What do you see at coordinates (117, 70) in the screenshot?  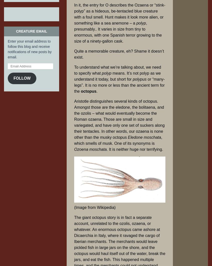 I see `'To understand what we’re talking about, we need to specify what'` at bounding box center [117, 70].